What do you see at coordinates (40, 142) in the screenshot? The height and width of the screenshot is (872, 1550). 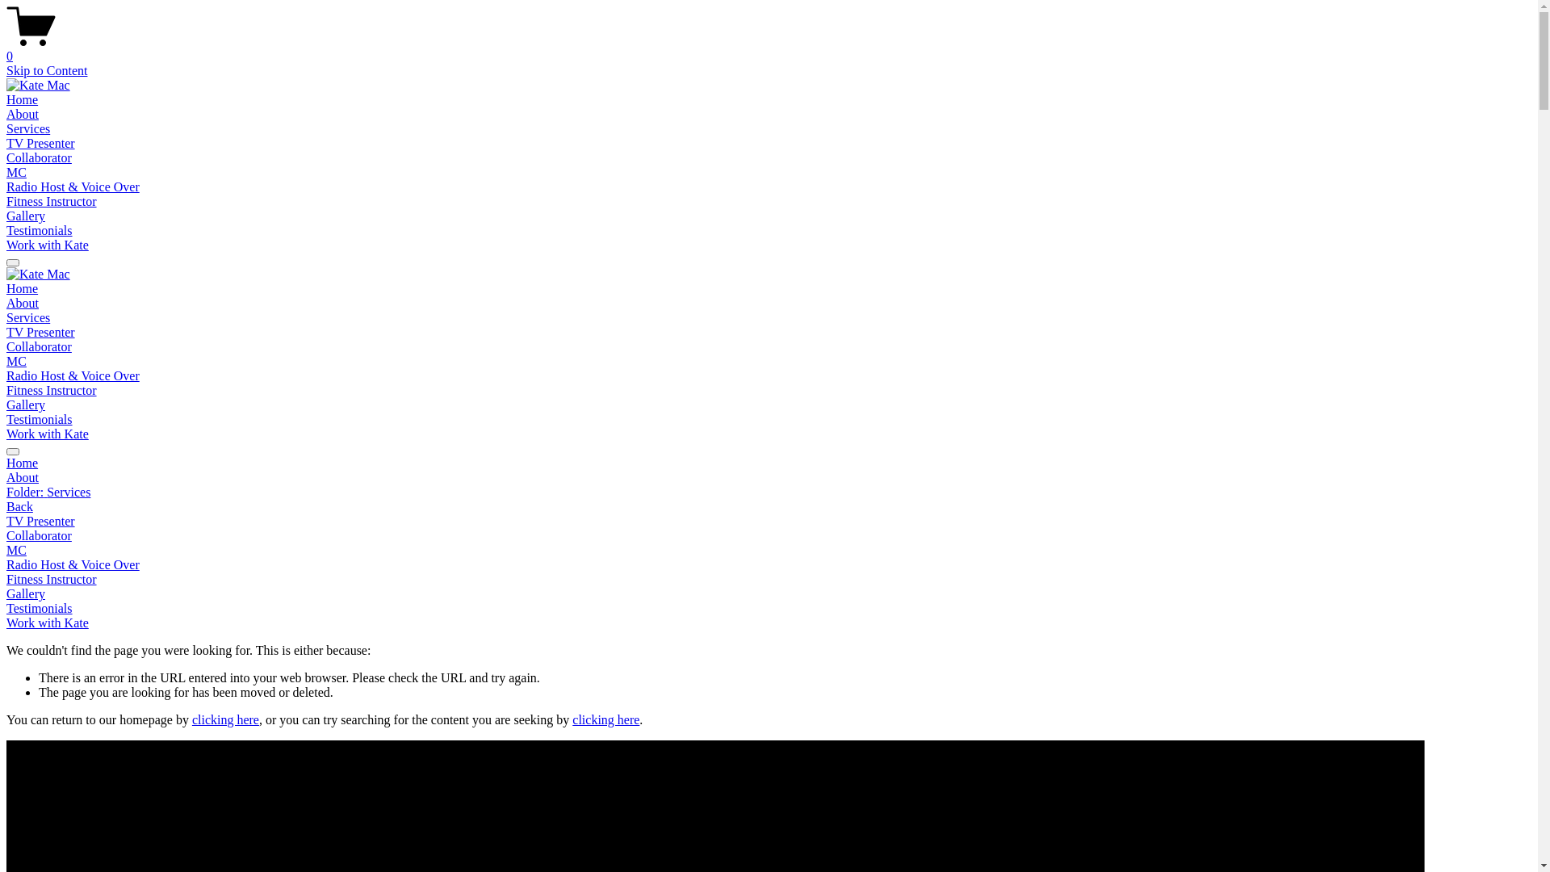 I see `'TV Presenter'` at bounding box center [40, 142].